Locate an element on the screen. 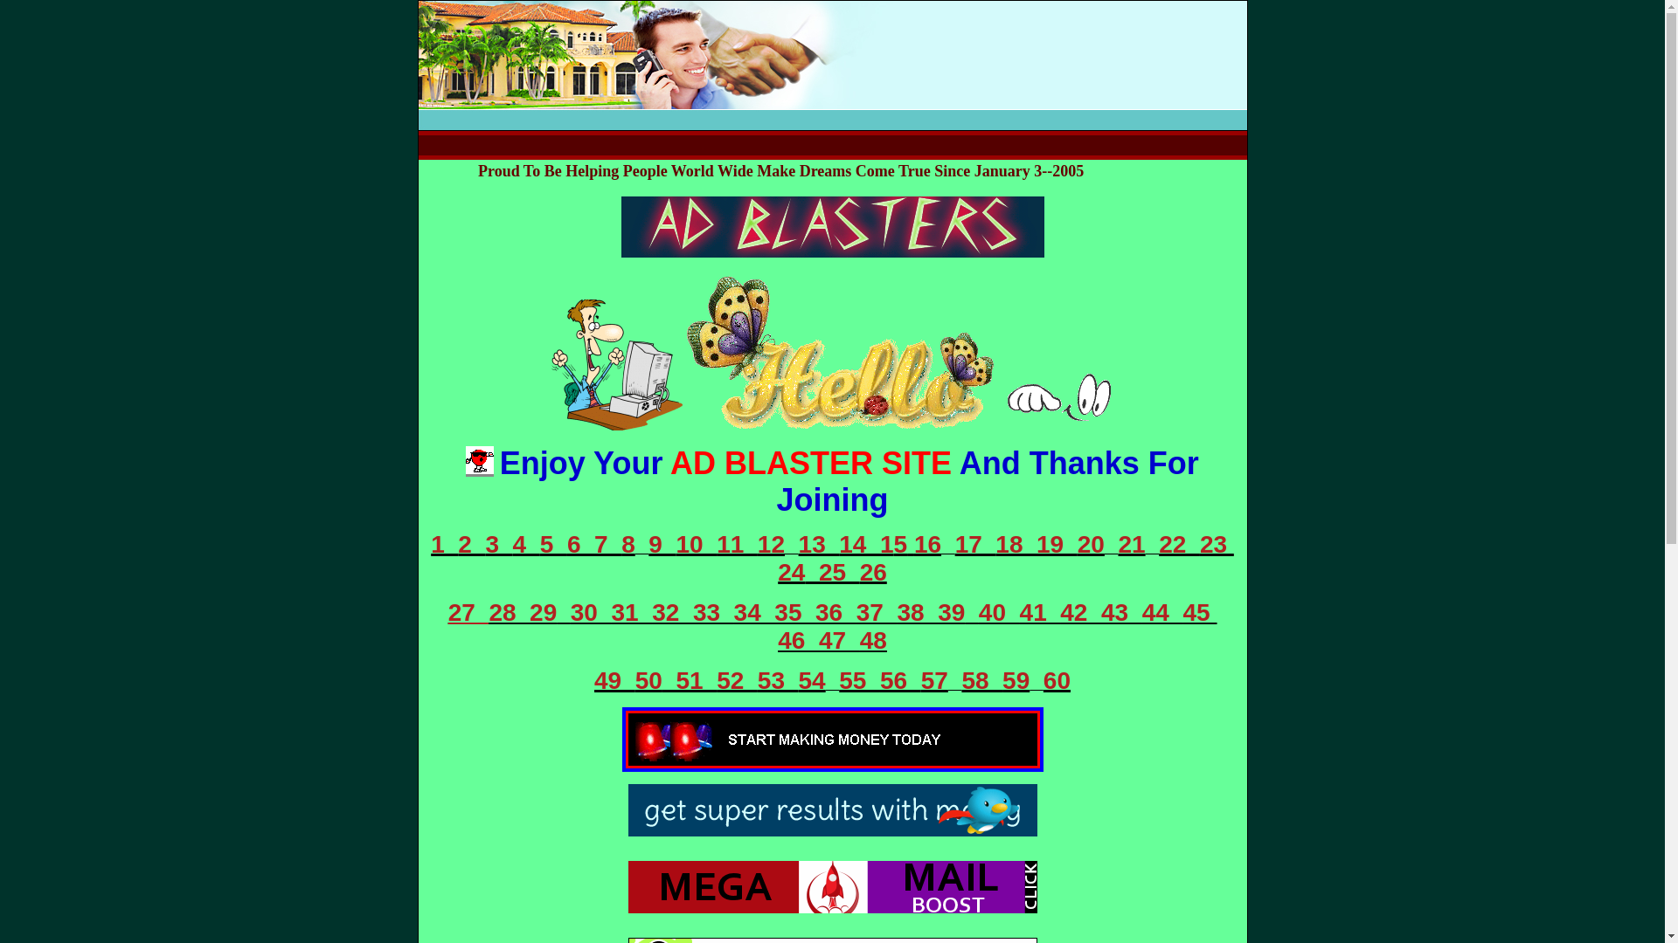  '24' is located at coordinates (790, 572).